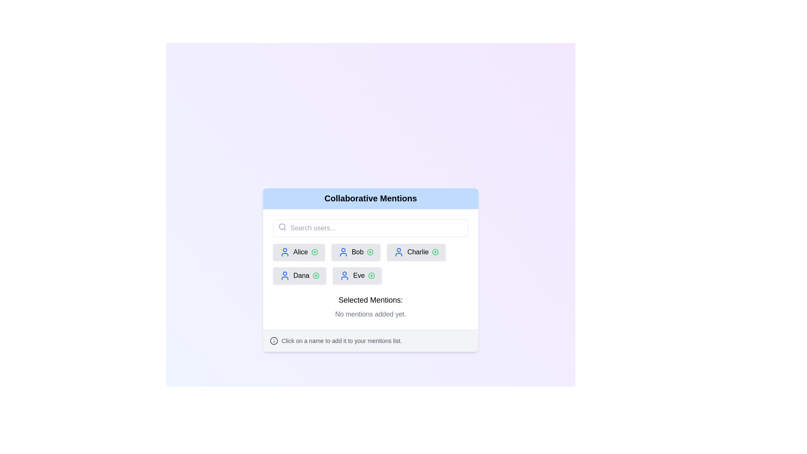 This screenshot has height=454, width=807. Describe the element at coordinates (370, 251) in the screenshot. I see `the circular icon button with a green border and a plus symbol, located to the right of the text label 'Bob'` at that location.